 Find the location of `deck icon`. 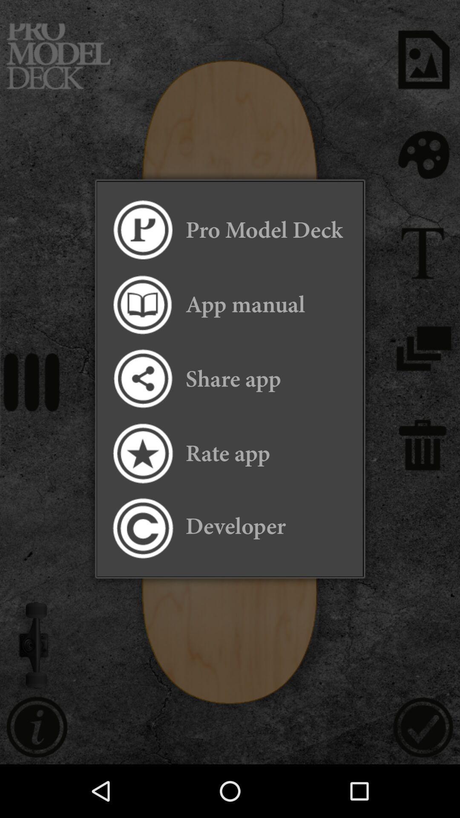

deck icon is located at coordinates (142, 230).